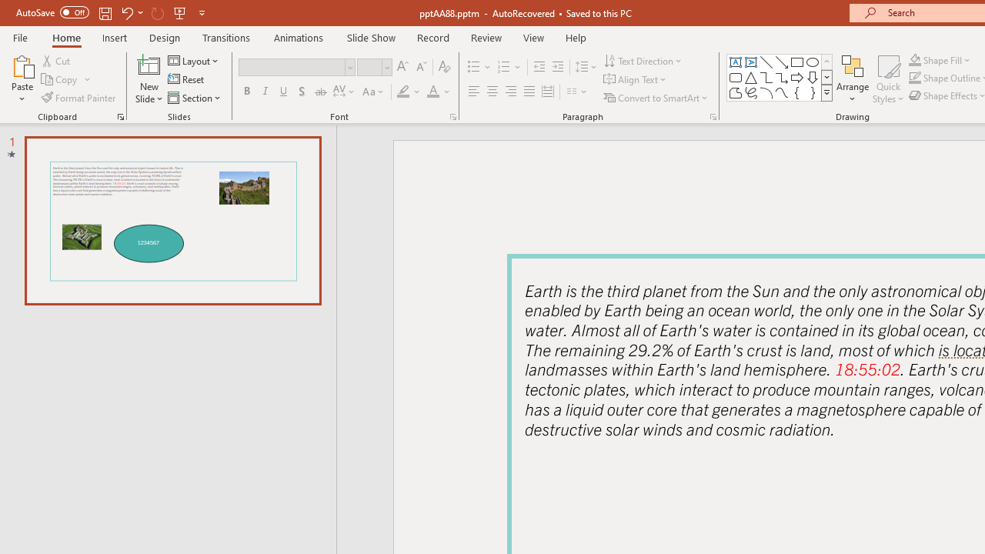  I want to click on 'Font...', so click(452, 115).